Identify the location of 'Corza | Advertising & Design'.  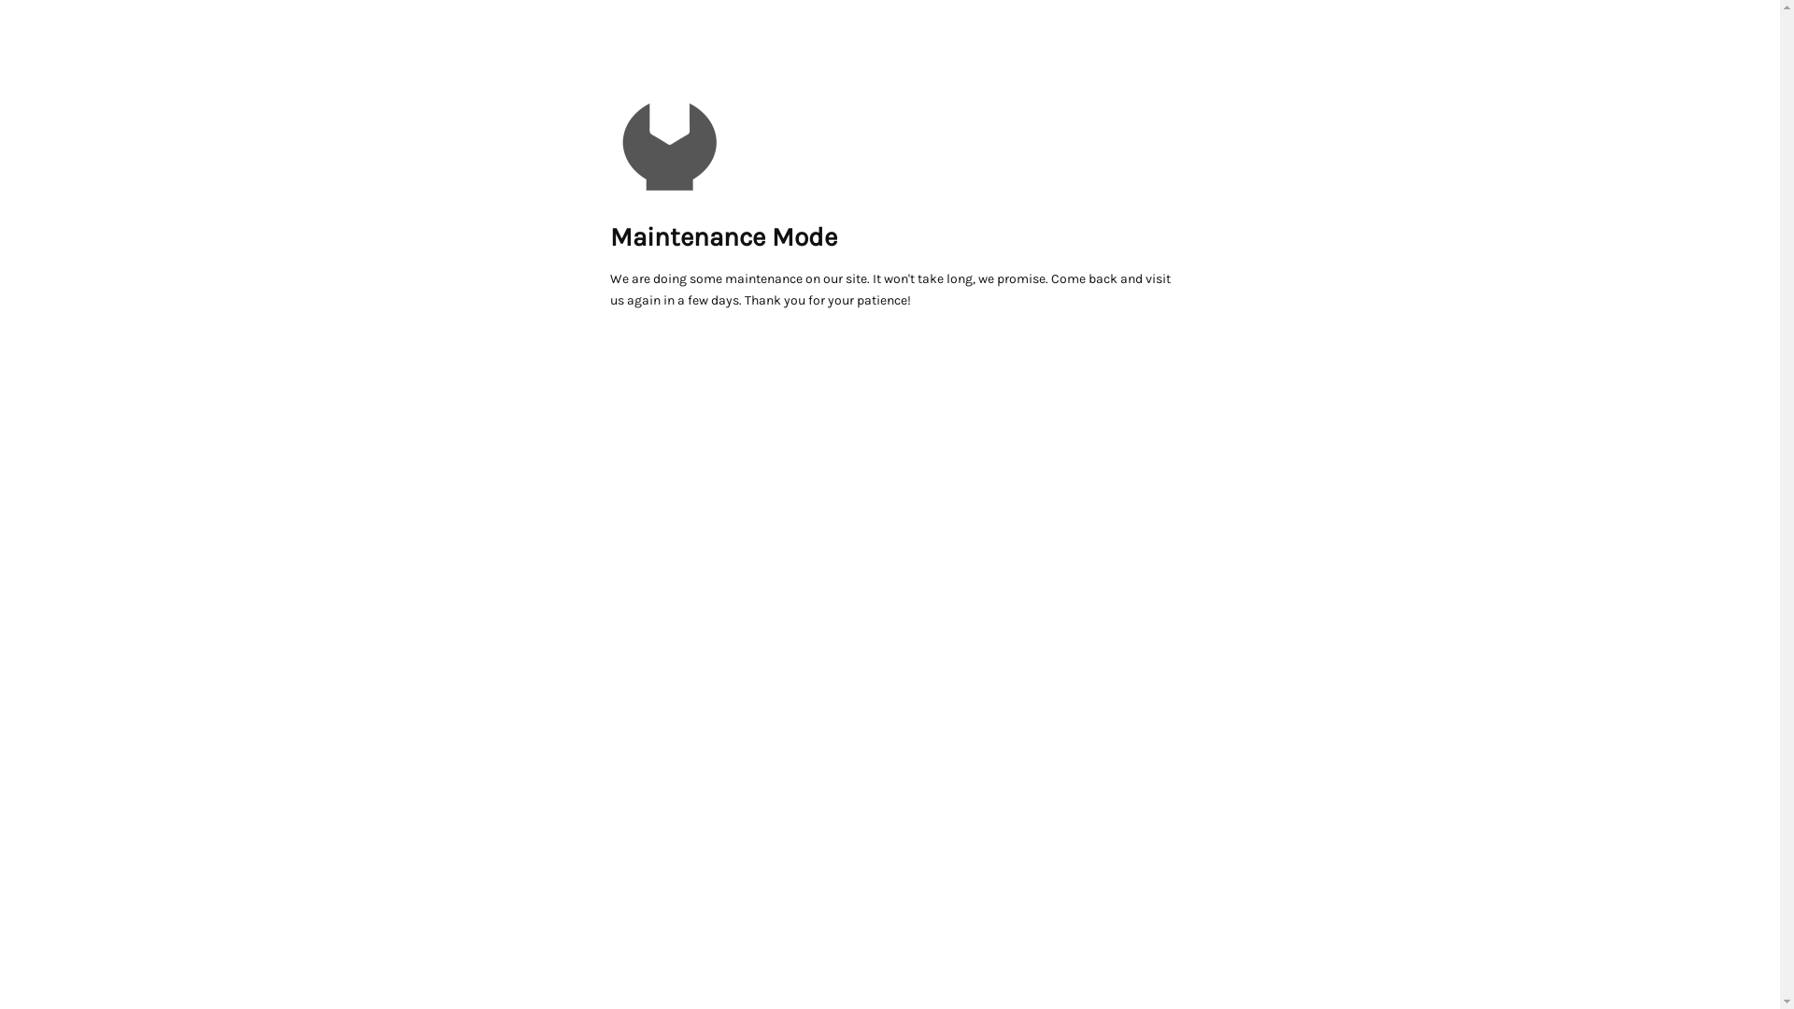
(668, 138).